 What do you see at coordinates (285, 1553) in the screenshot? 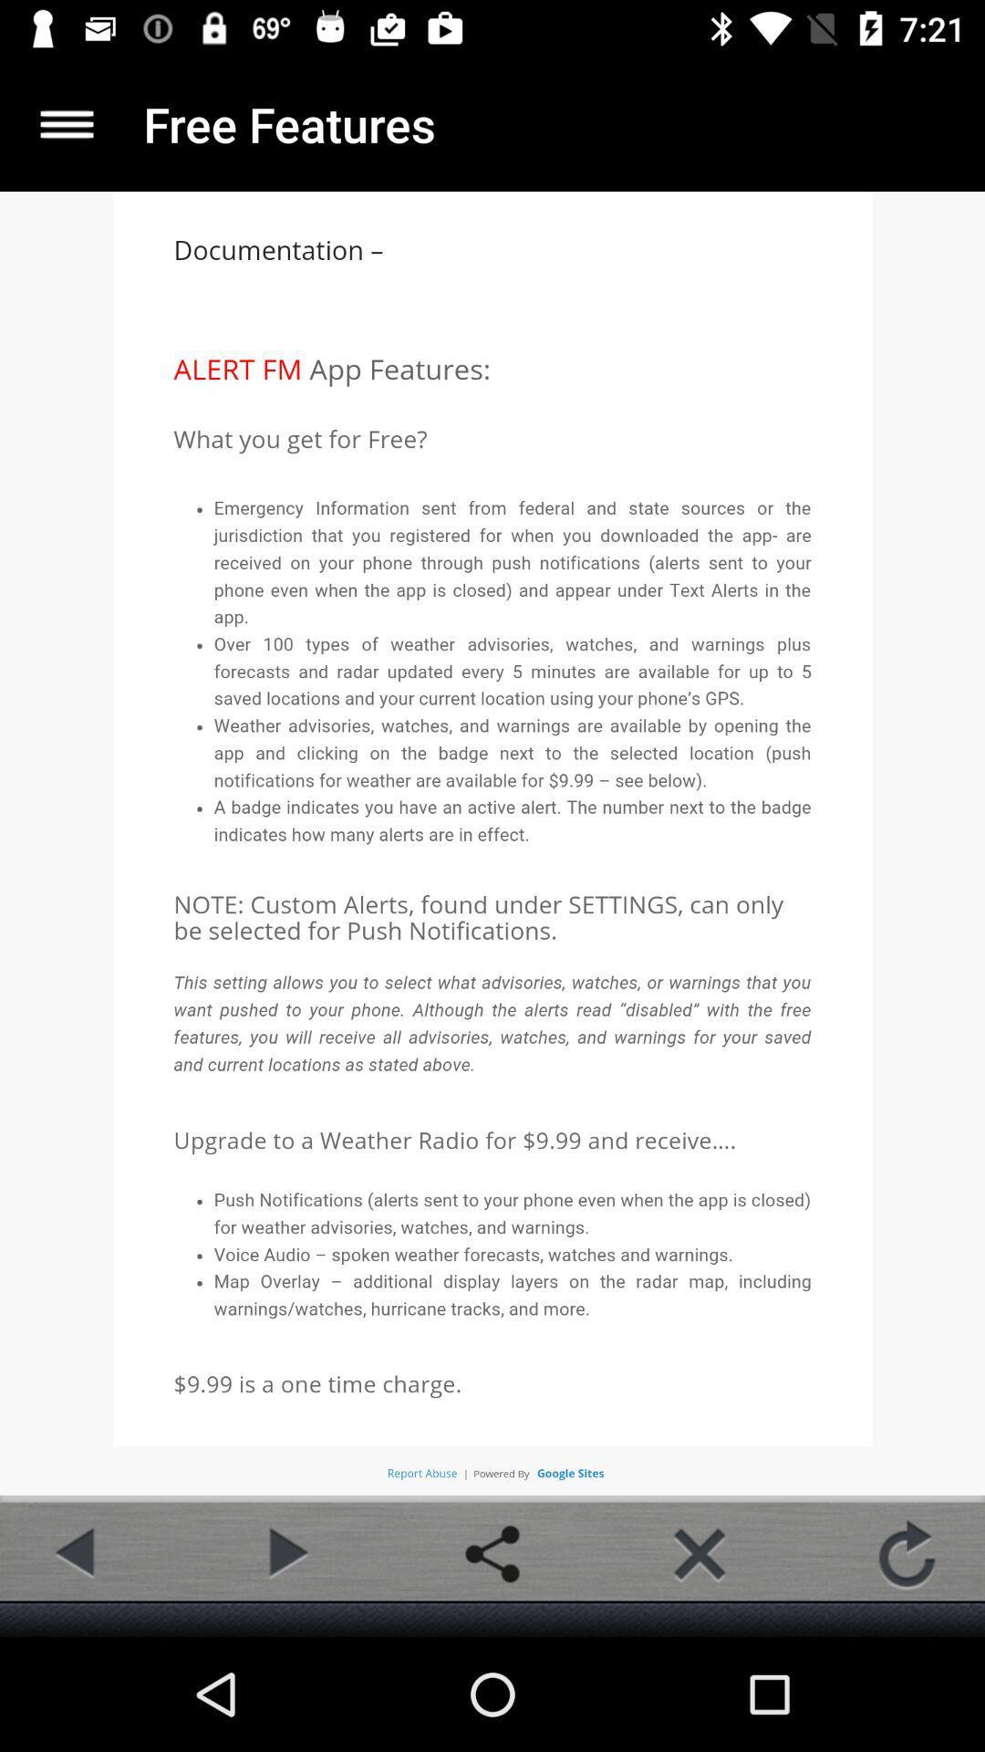
I see `forward` at bounding box center [285, 1553].